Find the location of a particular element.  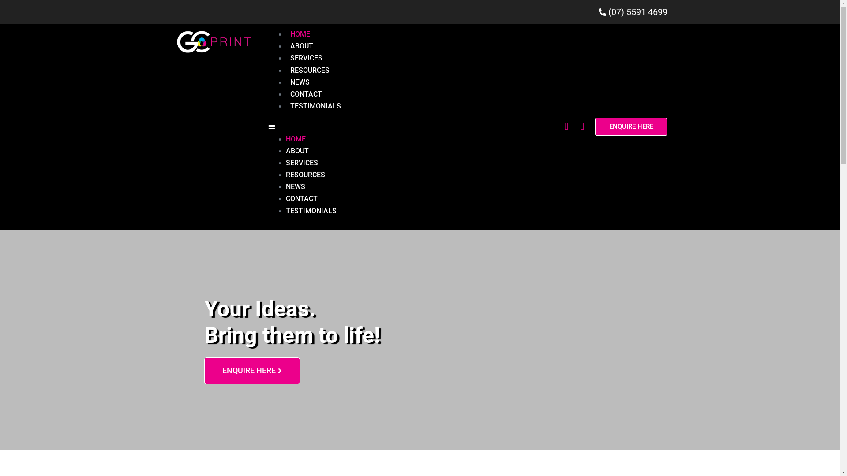

'HOME' is located at coordinates (286, 33).